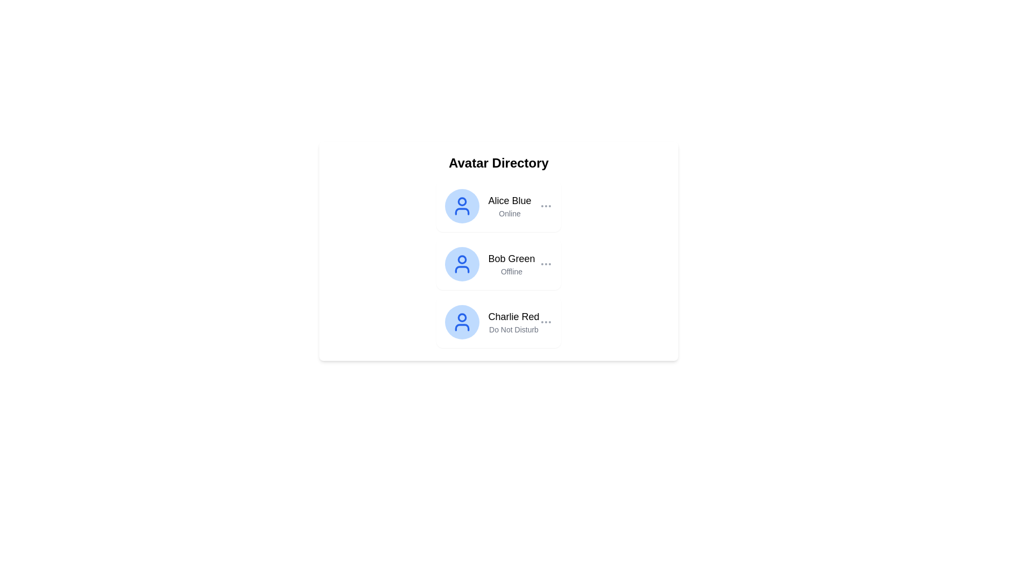 This screenshot has width=1032, height=580. What do you see at coordinates (513, 329) in the screenshot?
I see `the 'Do Not Disturb' text label located below 'Charlie Red' in the avatar directory interface` at bounding box center [513, 329].